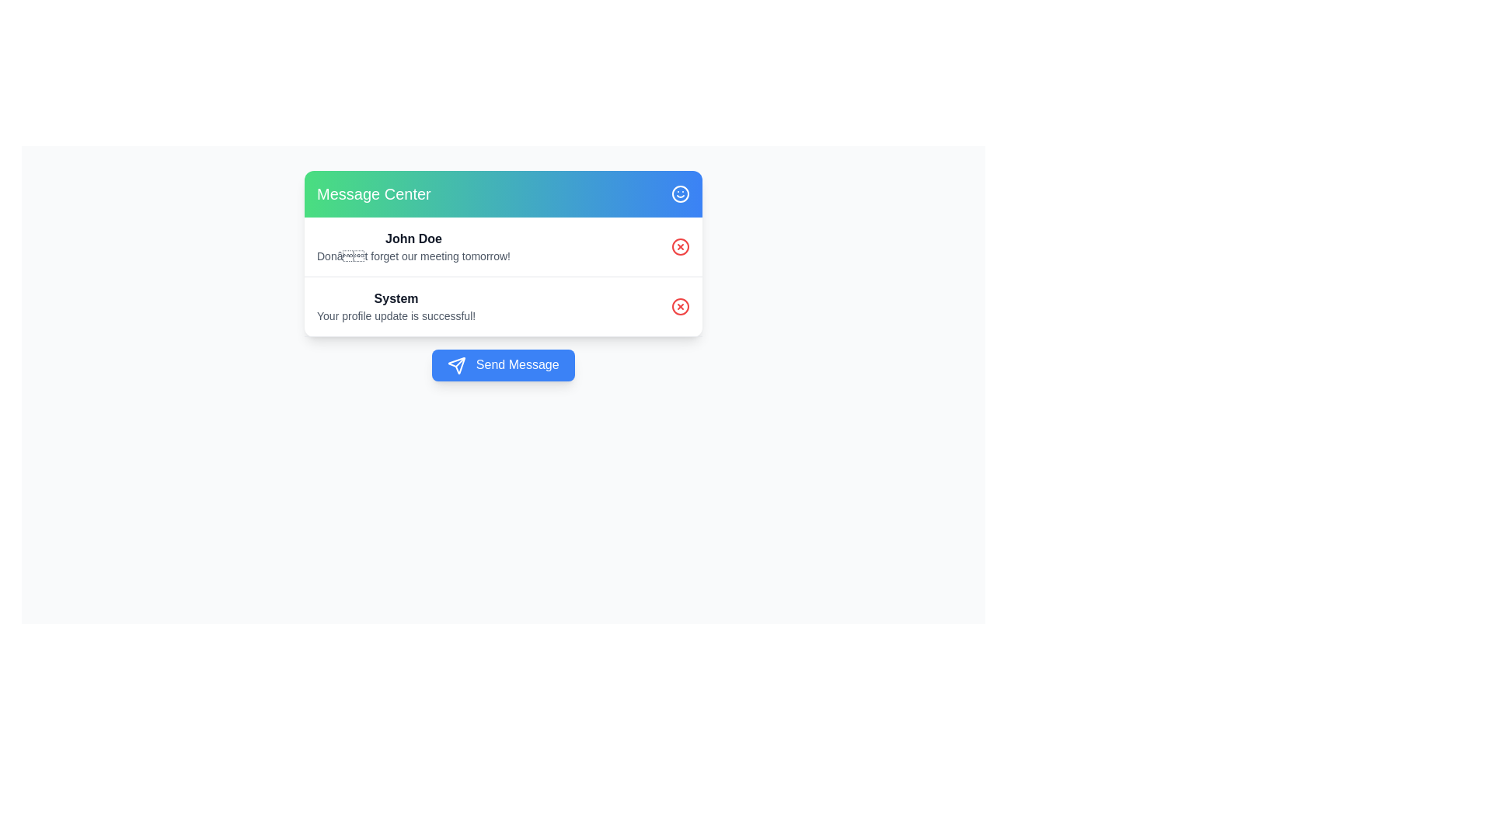 This screenshot has height=839, width=1492. Describe the element at coordinates (396, 299) in the screenshot. I see `the bold text label displaying 'System' in dark gray color located in the 'Message Center', which is the first line of a two-line message block` at that location.